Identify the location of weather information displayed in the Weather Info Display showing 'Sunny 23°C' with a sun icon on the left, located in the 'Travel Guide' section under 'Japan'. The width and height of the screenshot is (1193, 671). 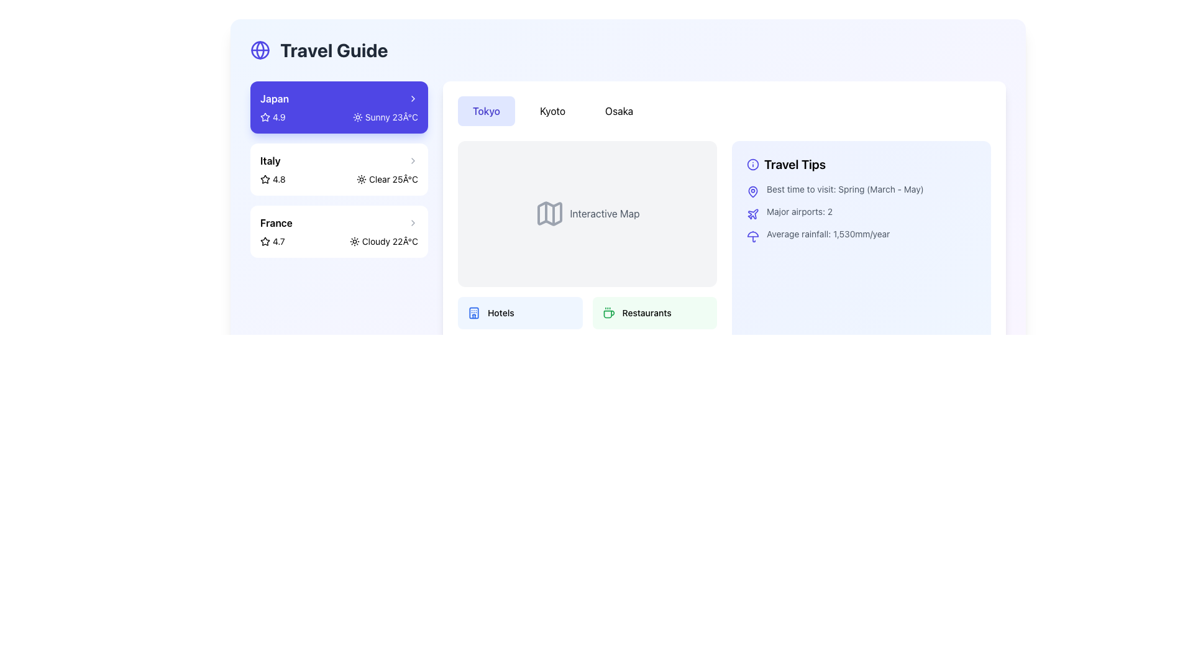
(385, 117).